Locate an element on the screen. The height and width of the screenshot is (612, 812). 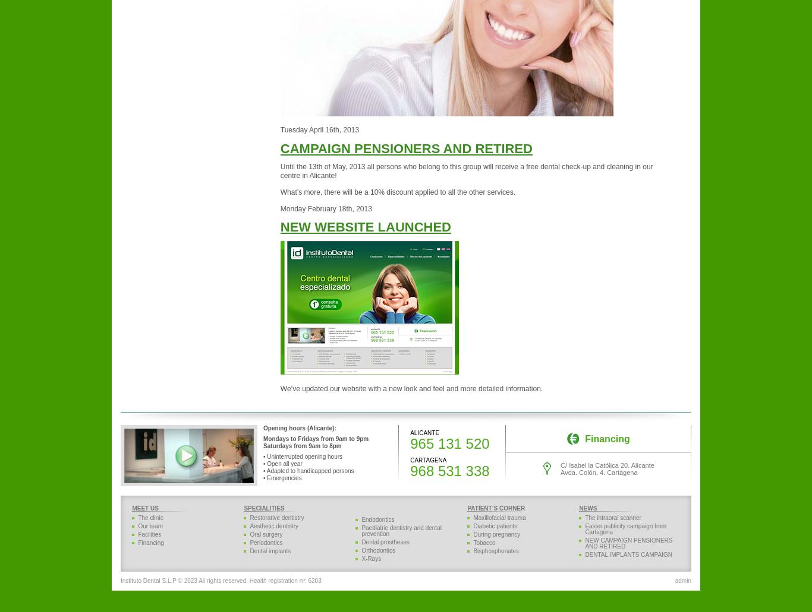
'Our team' is located at coordinates (150, 526).